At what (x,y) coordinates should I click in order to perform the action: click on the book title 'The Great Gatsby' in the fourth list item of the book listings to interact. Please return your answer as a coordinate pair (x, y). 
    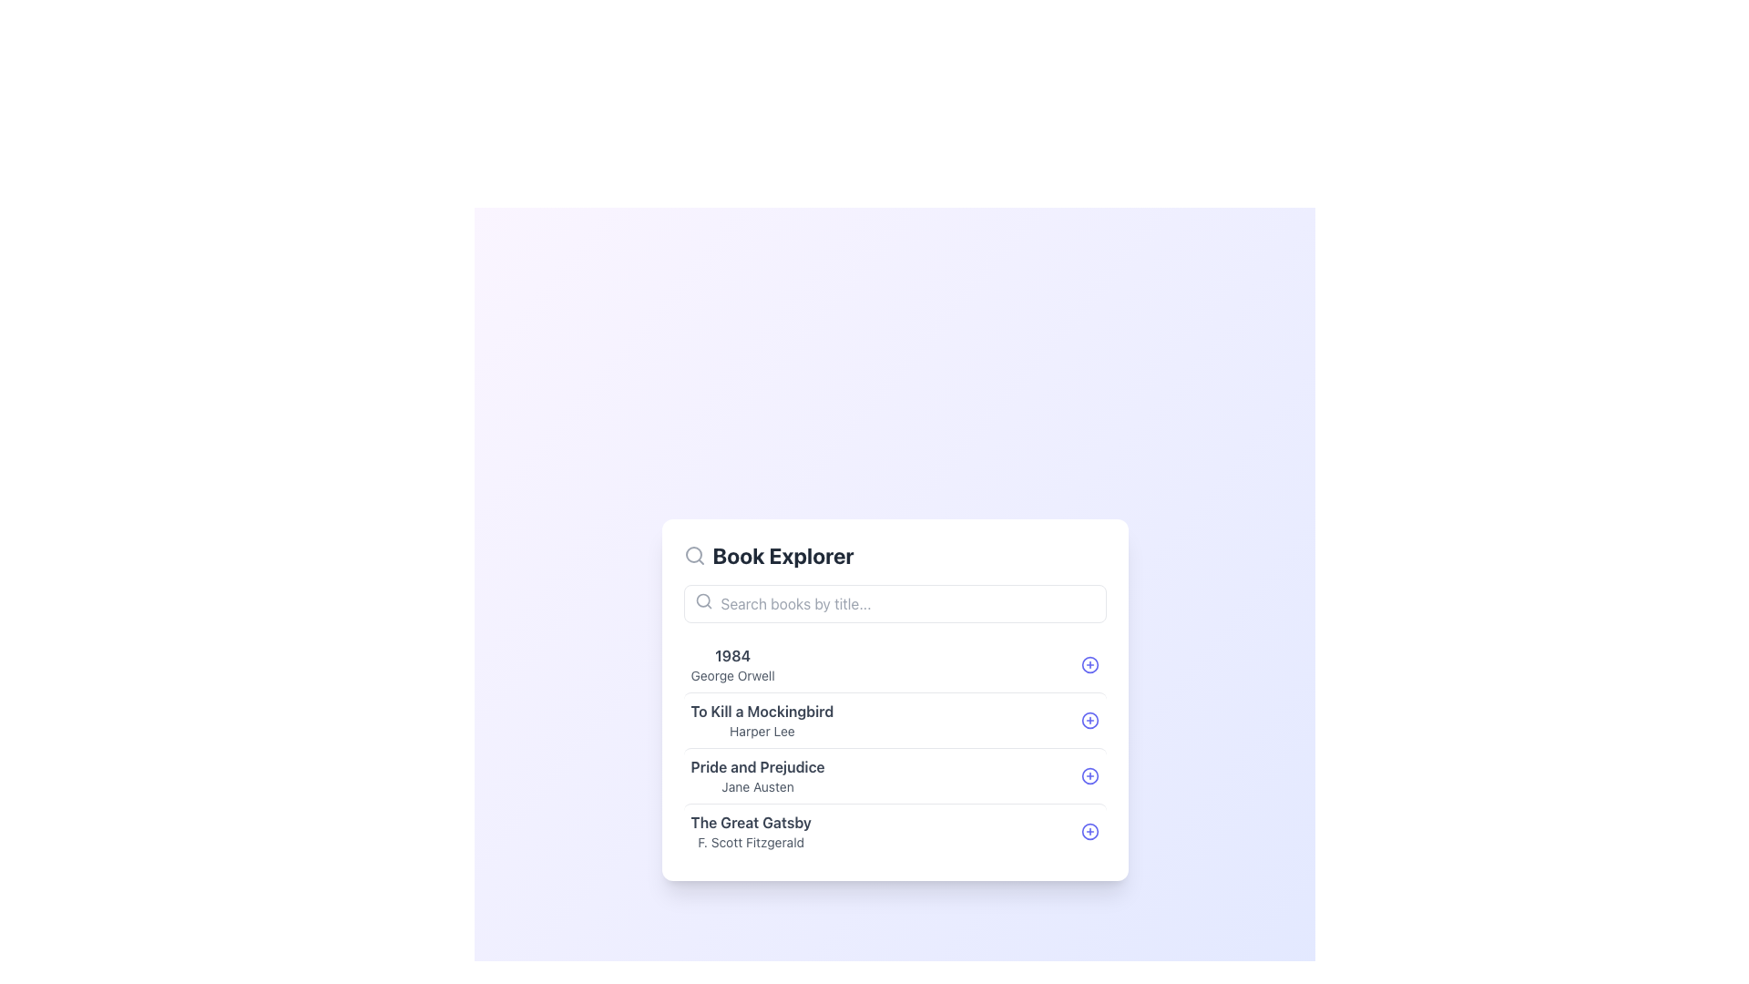
    Looking at the image, I should click on (895, 830).